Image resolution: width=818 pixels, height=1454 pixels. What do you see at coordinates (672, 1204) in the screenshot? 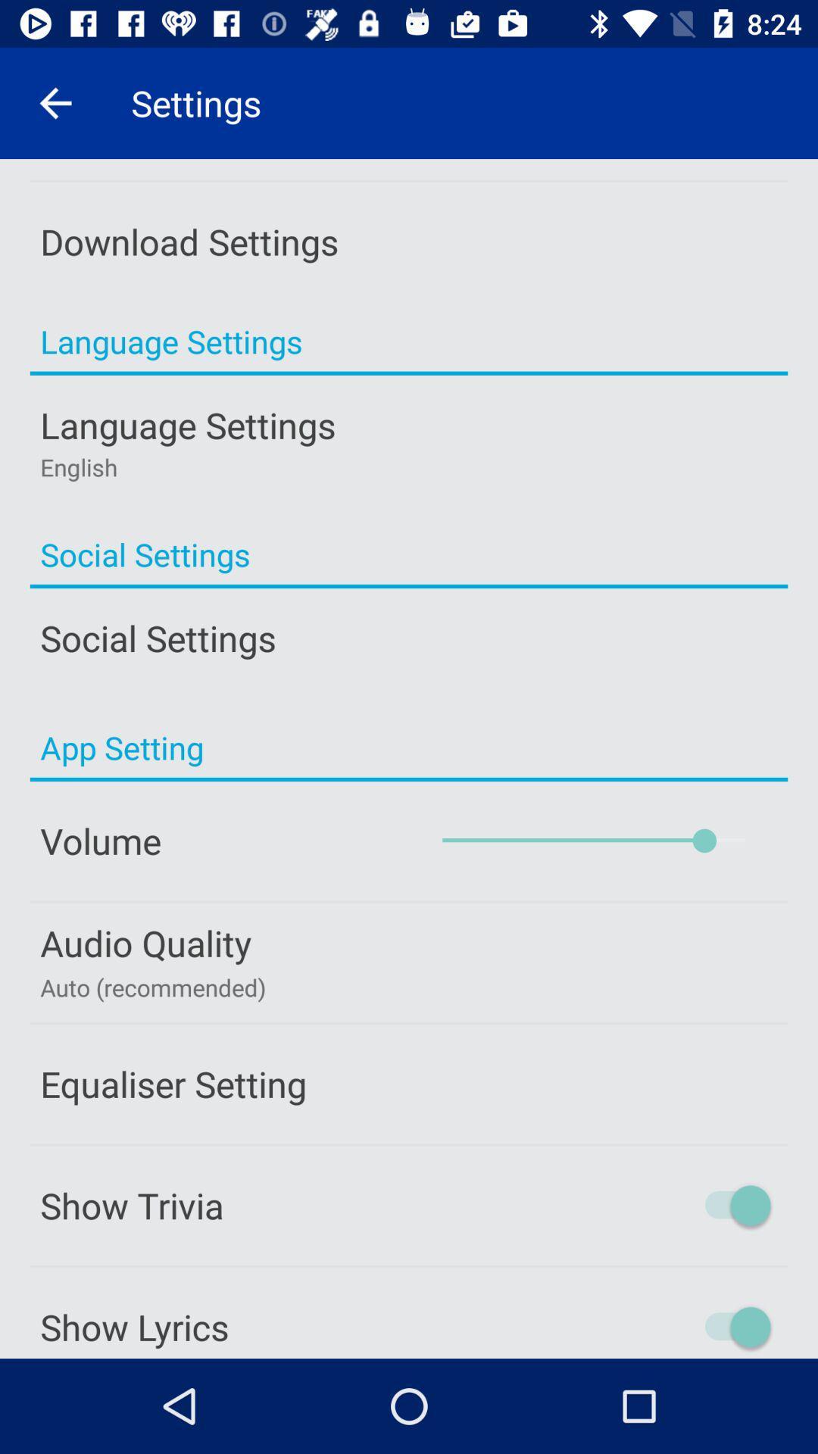
I see `show trivia on` at bounding box center [672, 1204].